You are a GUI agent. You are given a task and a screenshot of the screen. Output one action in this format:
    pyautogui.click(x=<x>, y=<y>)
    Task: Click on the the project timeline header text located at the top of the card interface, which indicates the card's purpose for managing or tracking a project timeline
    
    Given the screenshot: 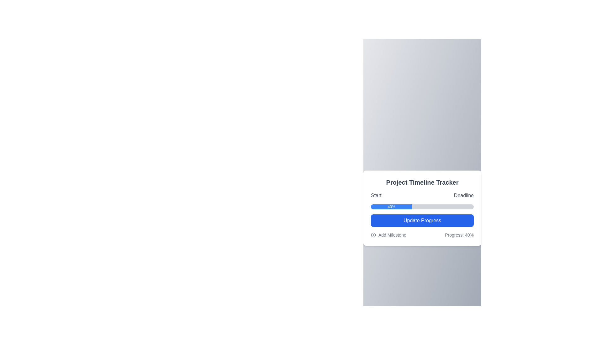 What is the action you would take?
    pyautogui.click(x=422, y=182)
    